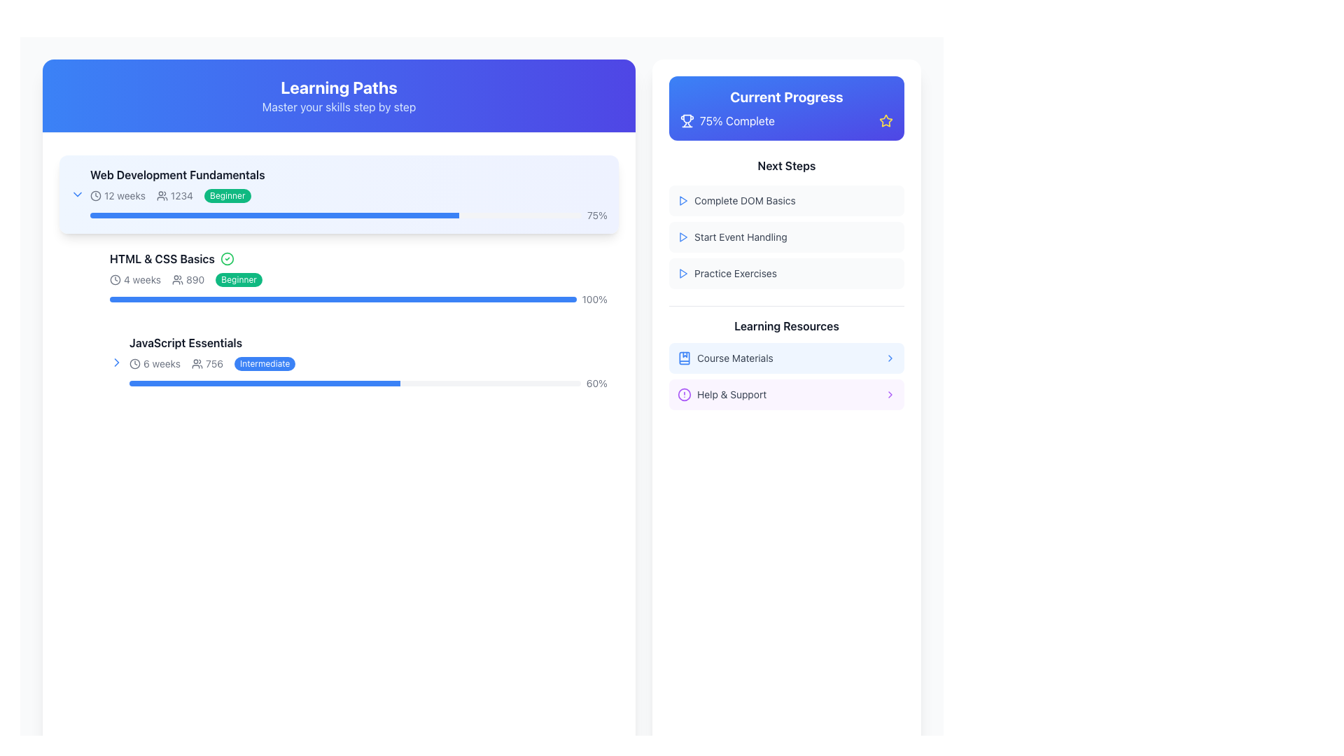 The width and height of the screenshot is (1344, 756). What do you see at coordinates (786, 394) in the screenshot?
I see `the 'Help & Support' button, which is the second item under 'Learning Resources' in the 'Current Progress' panel` at bounding box center [786, 394].